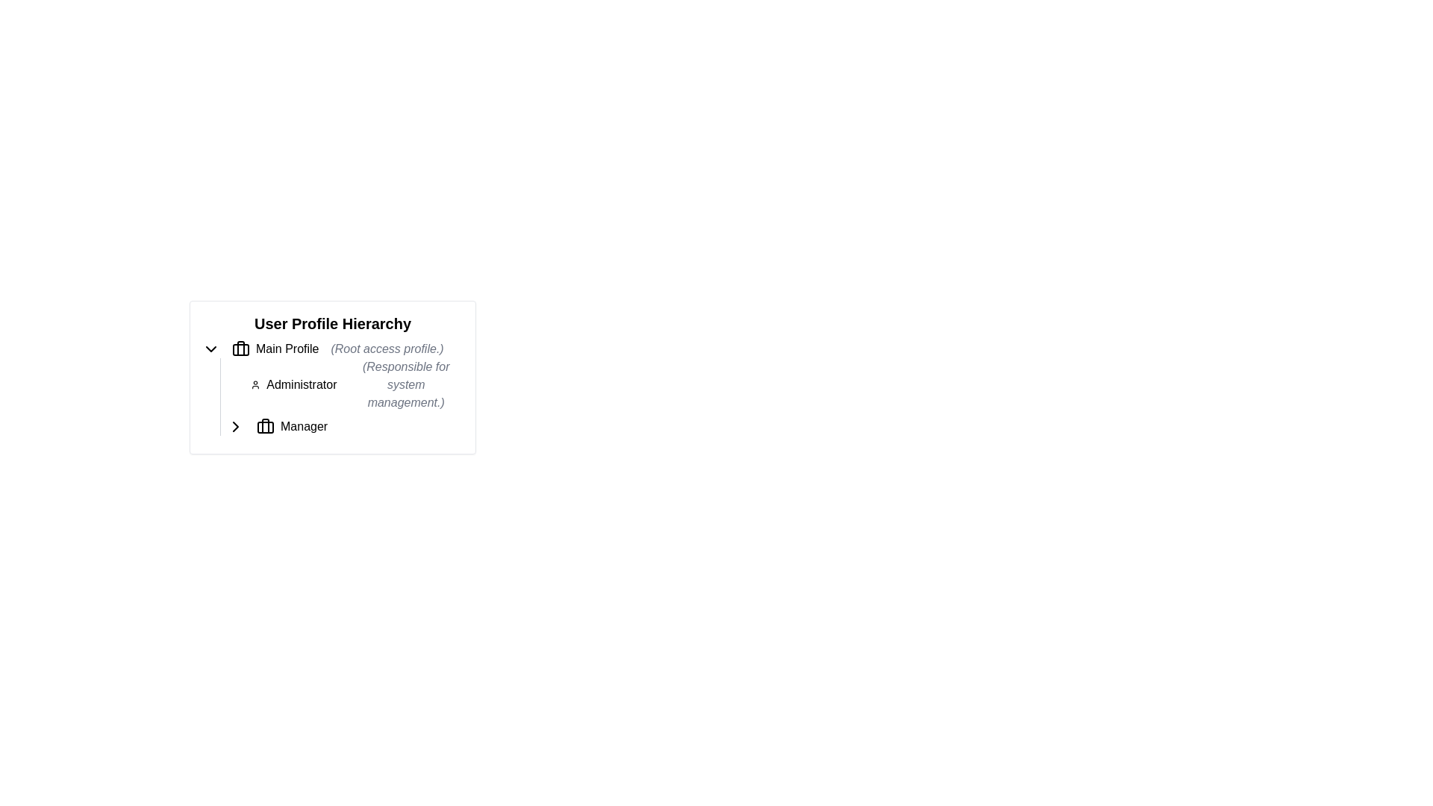 This screenshot has width=1433, height=806. I want to click on the Chevron Dropdown Indicator located in the upper-left region of the 'User Profile Hierarchy' section, so click(210, 349).